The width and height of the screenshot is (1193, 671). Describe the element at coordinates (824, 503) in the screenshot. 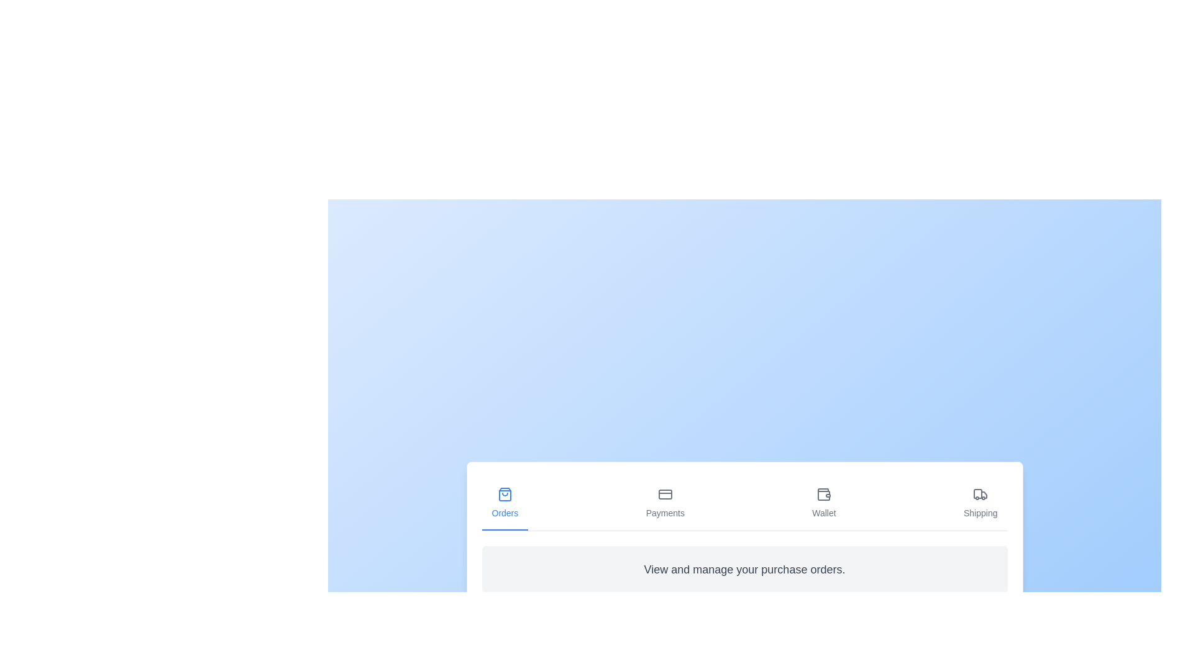

I see `the Wallet button, which features a wallet icon above the label 'Wallet'` at that location.